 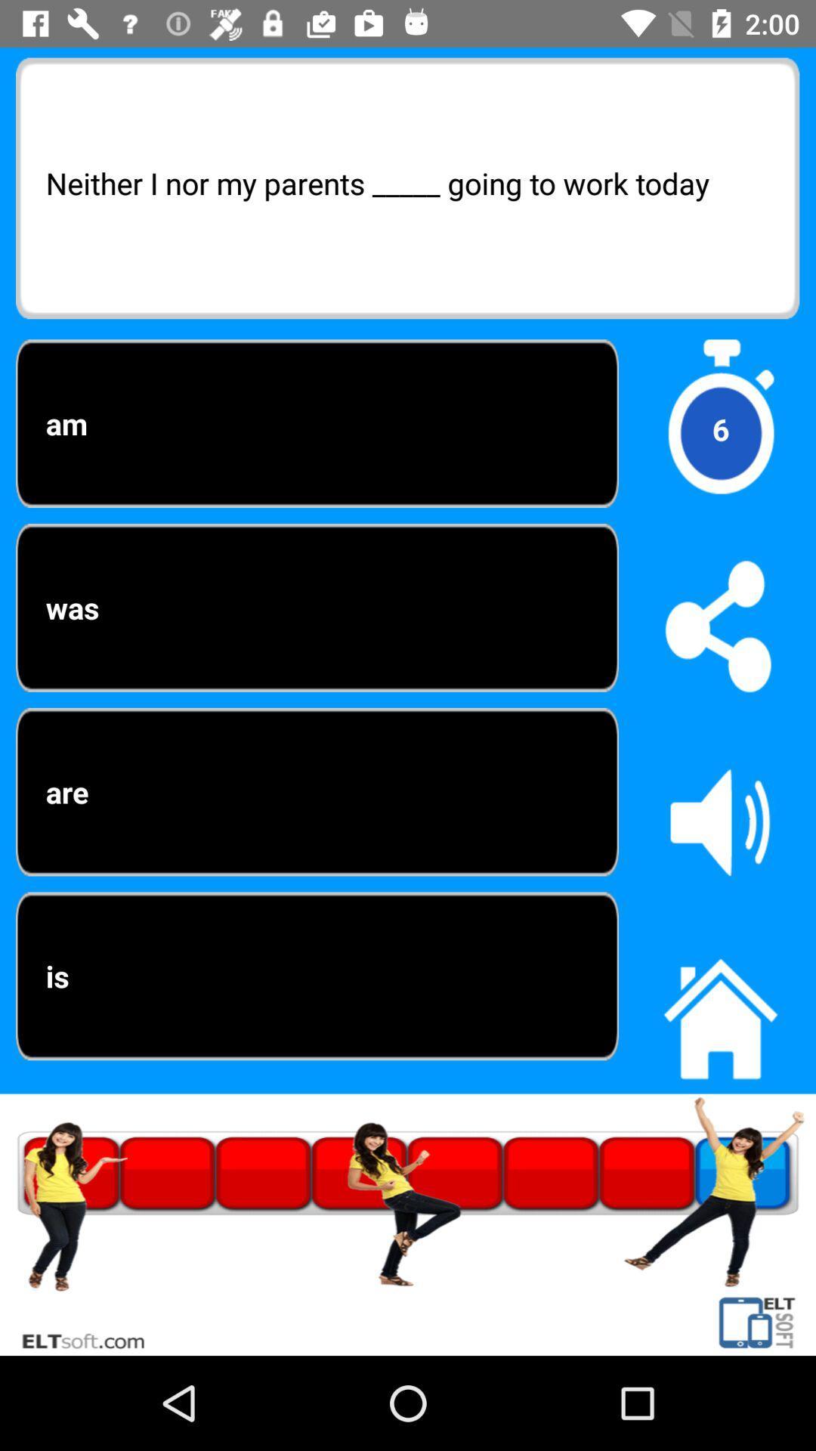 I want to click on the option which looks like a watch, so click(x=719, y=428).